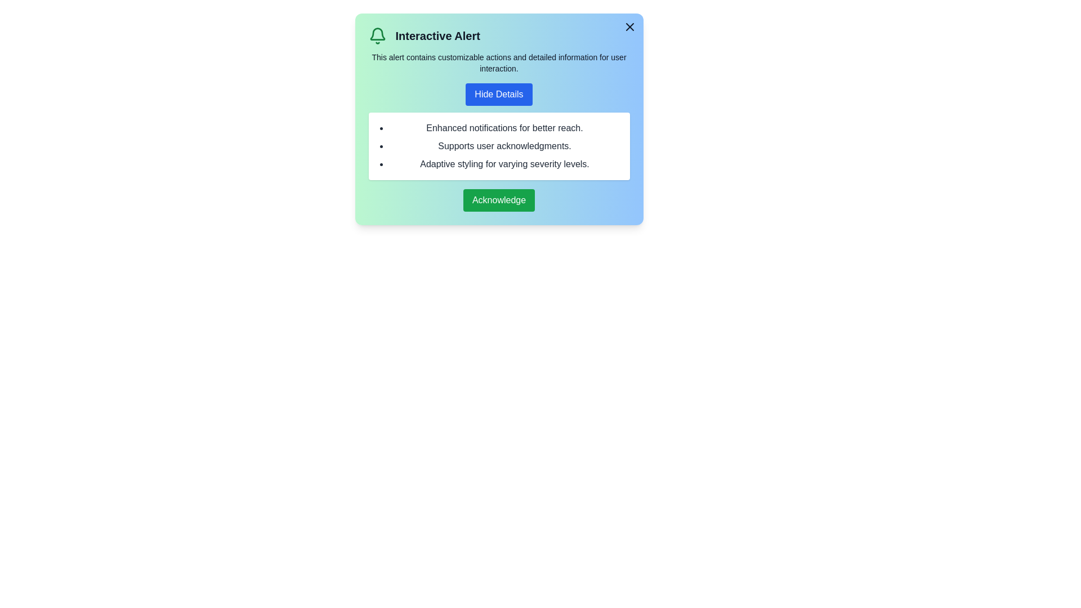 The height and width of the screenshot is (608, 1081). Describe the element at coordinates (629, 26) in the screenshot. I see `the close button to dismiss the alert` at that location.